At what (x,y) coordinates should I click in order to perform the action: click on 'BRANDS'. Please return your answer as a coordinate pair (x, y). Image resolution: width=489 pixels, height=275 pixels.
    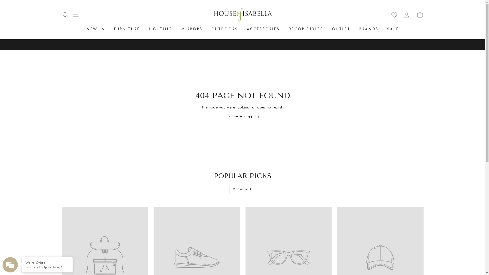
    Looking at the image, I should click on (355, 29).